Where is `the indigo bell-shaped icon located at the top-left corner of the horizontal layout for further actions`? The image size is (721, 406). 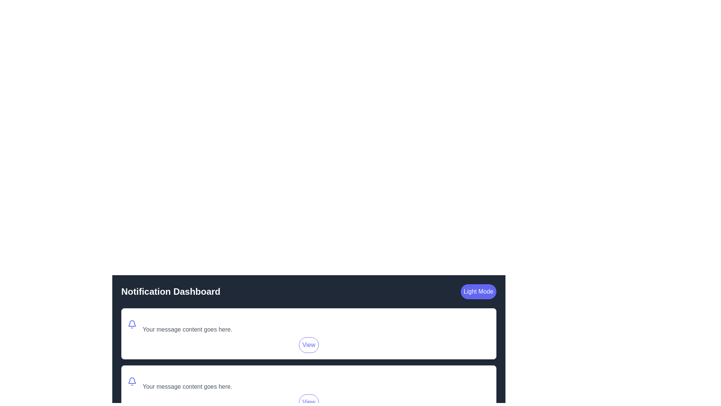
the indigo bell-shaped icon located at the top-left corner of the horizontal layout for further actions is located at coordinates (132, 324).